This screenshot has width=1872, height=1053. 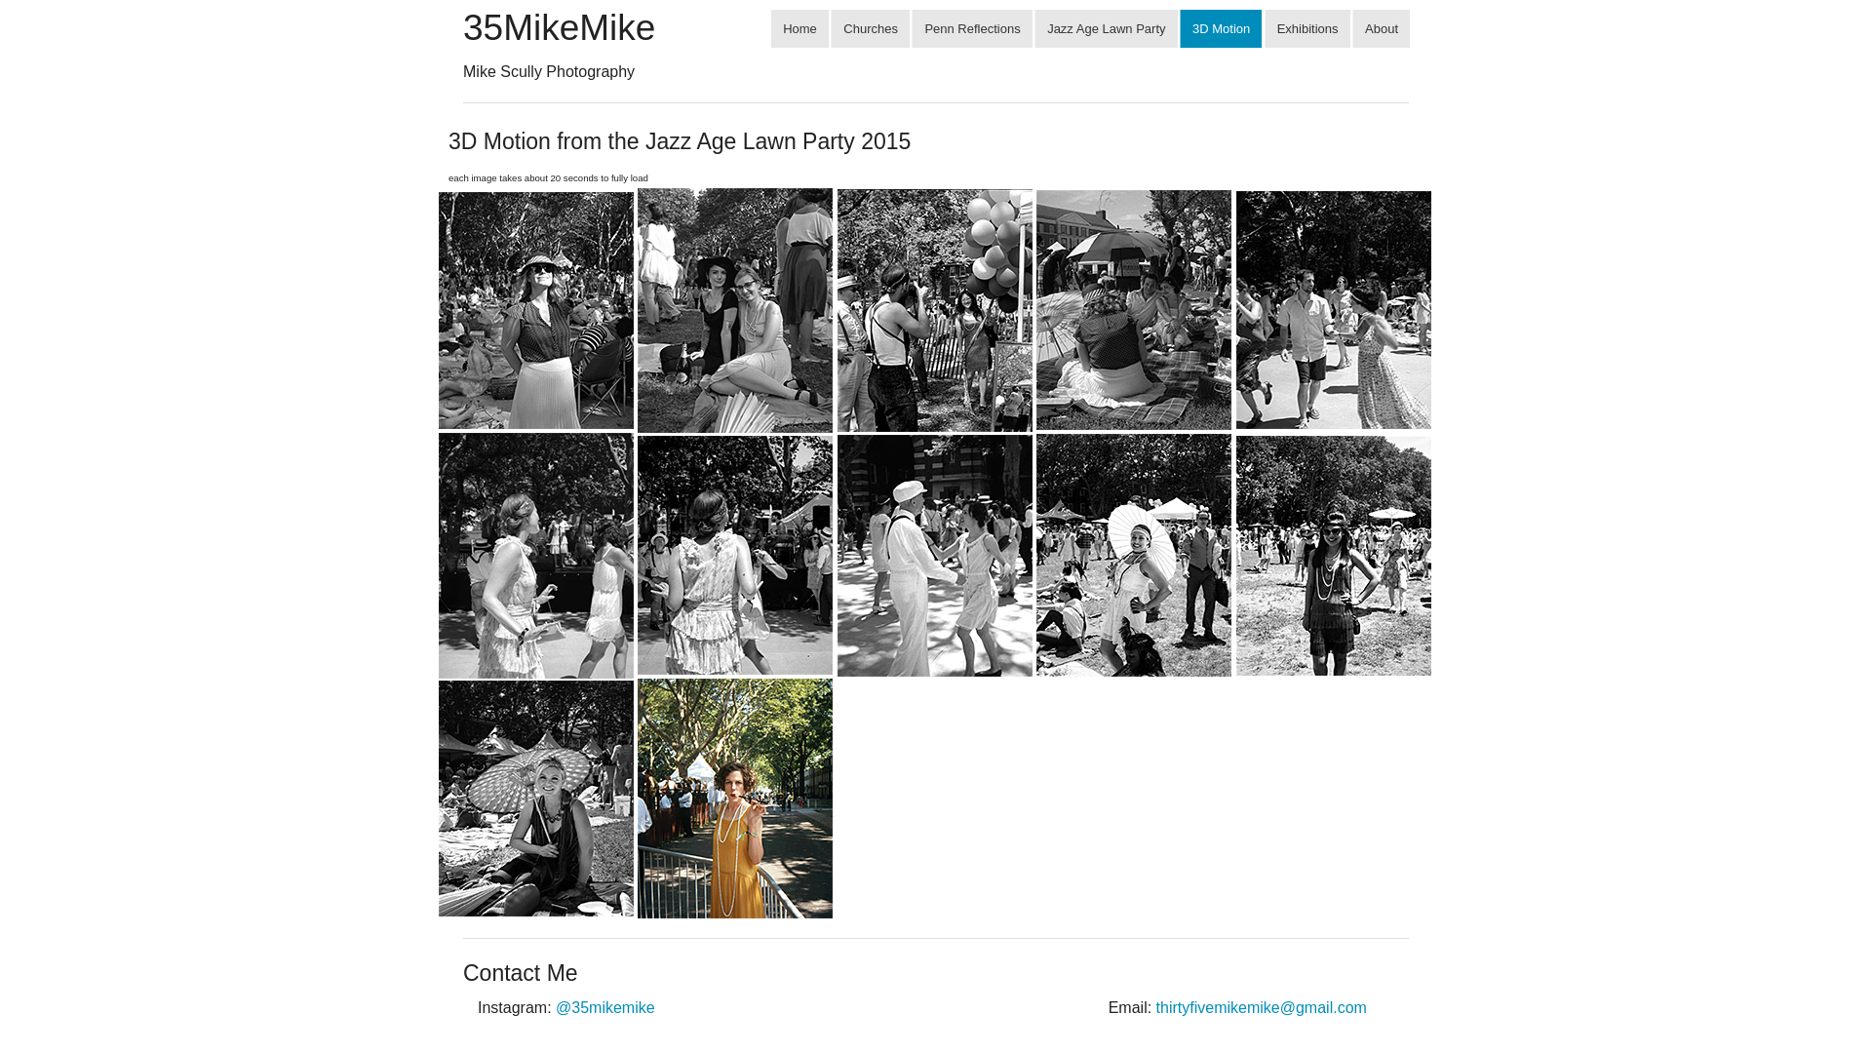 I want to click on 'Churches', so click(x=830, y=28).